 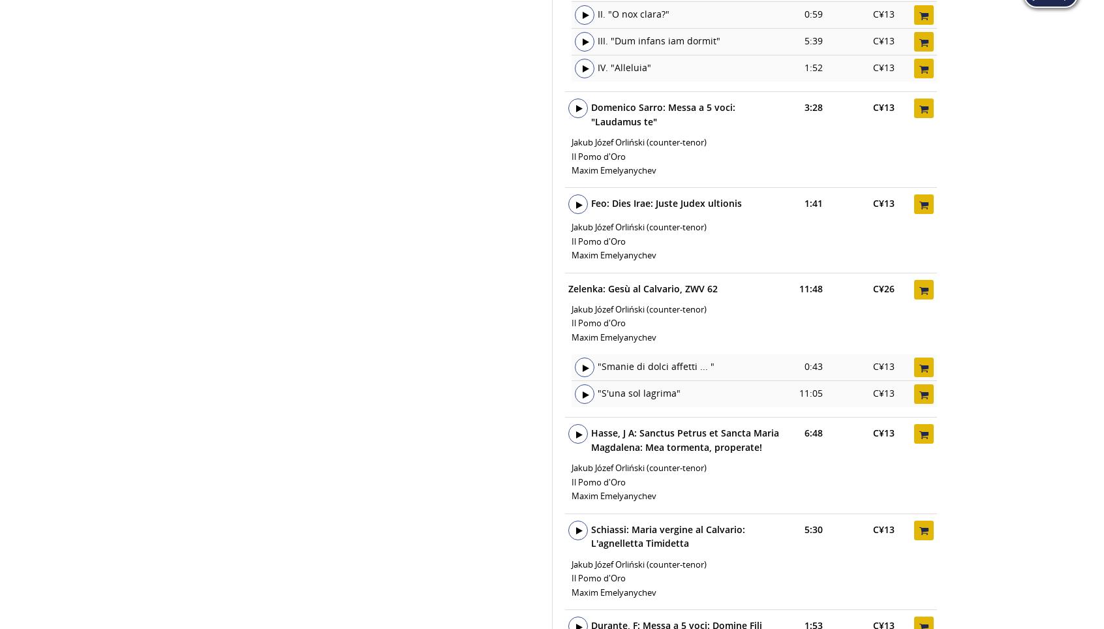 What do you see at coordinates (814, 13) in the screenshot?
I see `'0:59'` at bounding box center [814, 13].